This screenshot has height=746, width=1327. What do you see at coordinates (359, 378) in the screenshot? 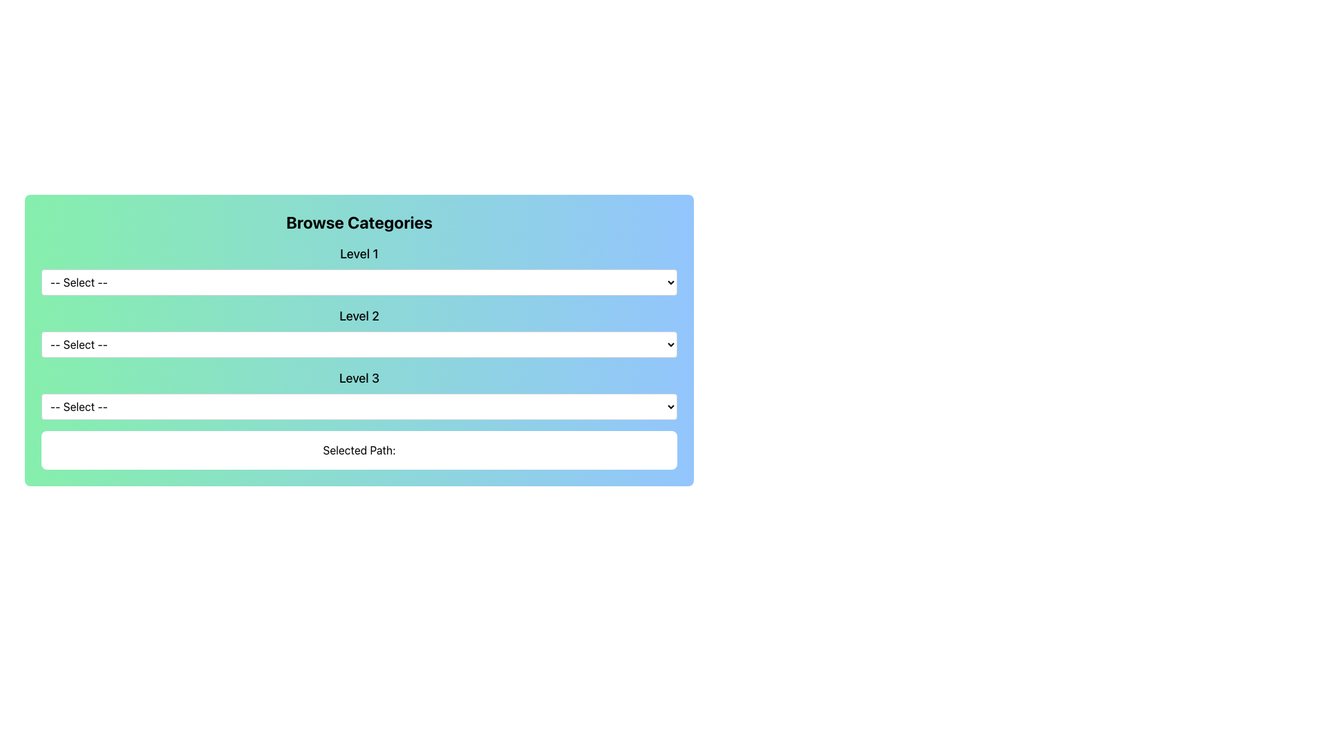
I see `the 'Level 3' label, which serves as a heading for the associated dropdown component below it` at bounding box center [359, 378].